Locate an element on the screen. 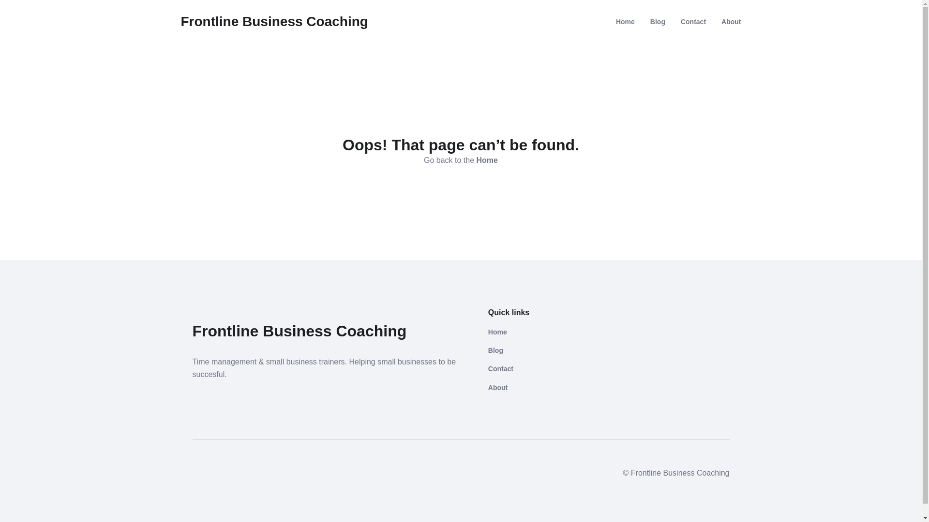 This screenshot has height=522, width=929. 'Home' is located at coordinates (625, 22).